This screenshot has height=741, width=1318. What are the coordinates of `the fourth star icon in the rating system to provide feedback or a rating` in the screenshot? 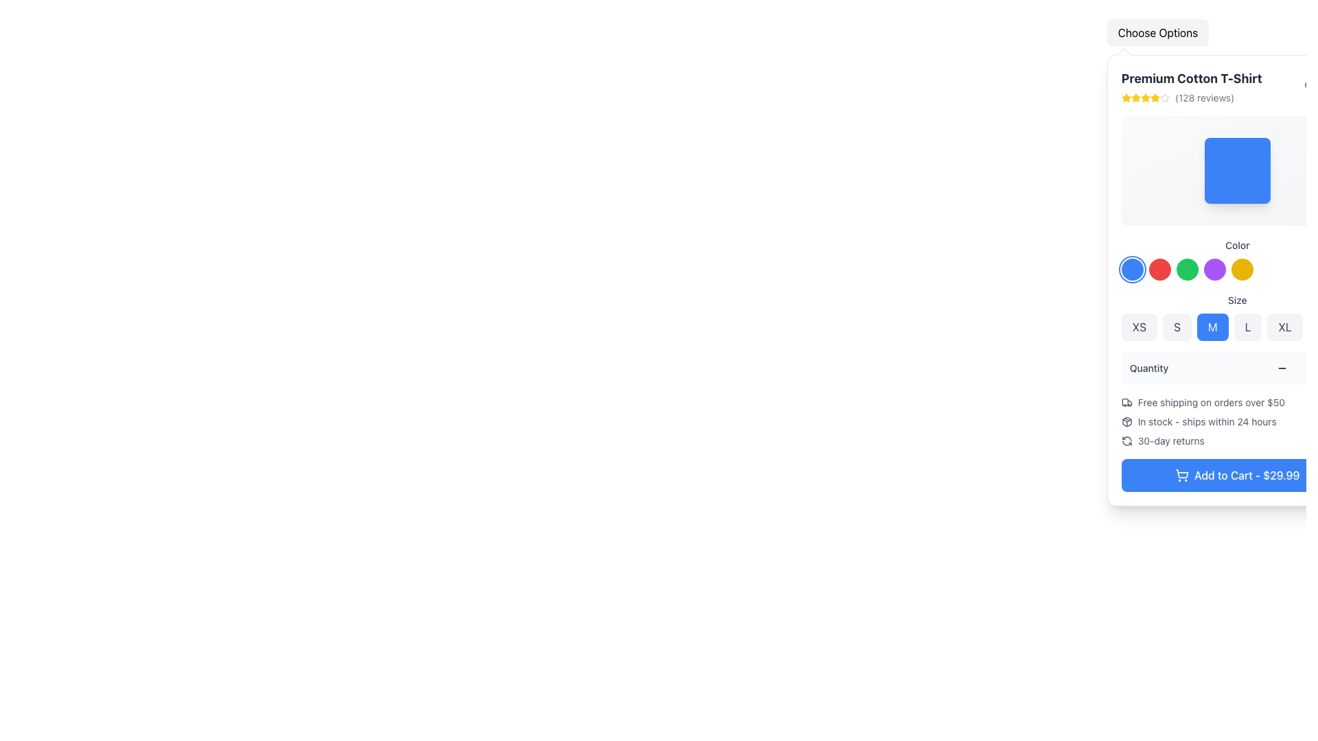 It's located at (1145, 97).